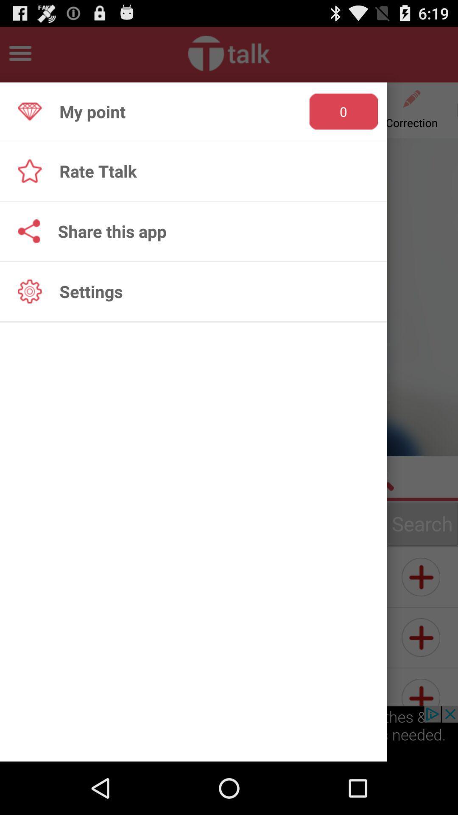 The image size is (458, 815). What do you see at coordinates (20, 56) in the screenshot?
I see `the menu icon` at bounding box center [20, 56].